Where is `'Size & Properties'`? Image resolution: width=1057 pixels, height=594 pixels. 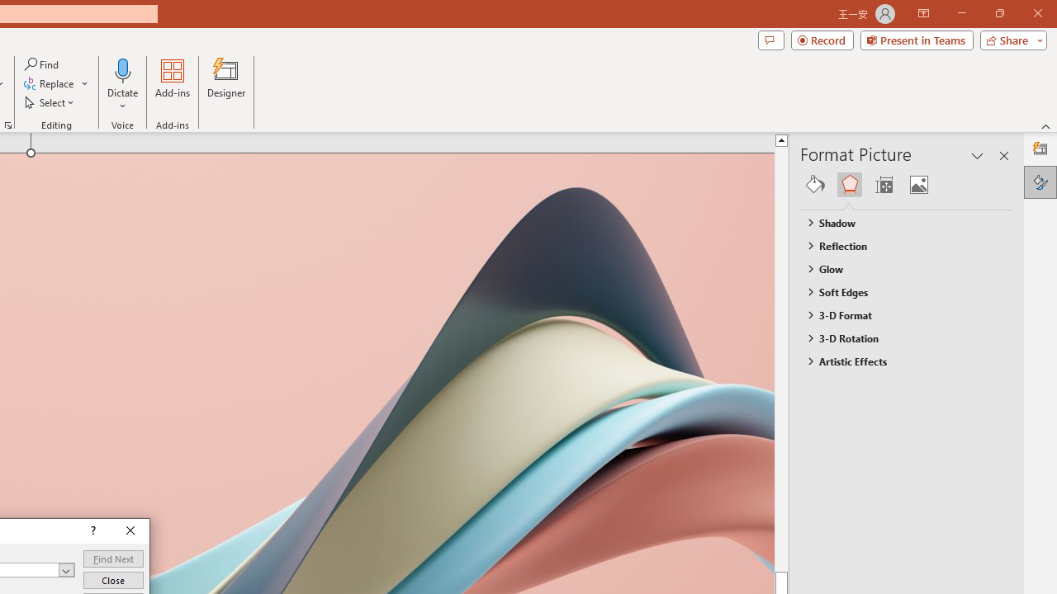 'Size & Properties' is located at coordinates (883, 184).